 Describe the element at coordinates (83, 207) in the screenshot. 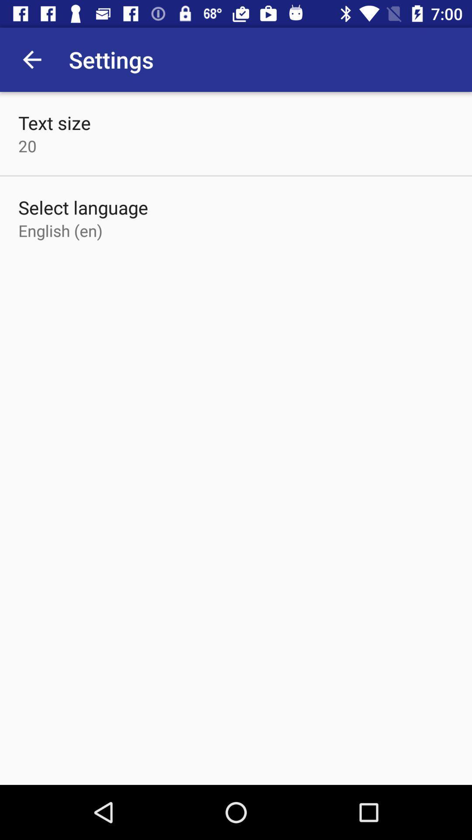

I see `the icon below 20 item` at that location.